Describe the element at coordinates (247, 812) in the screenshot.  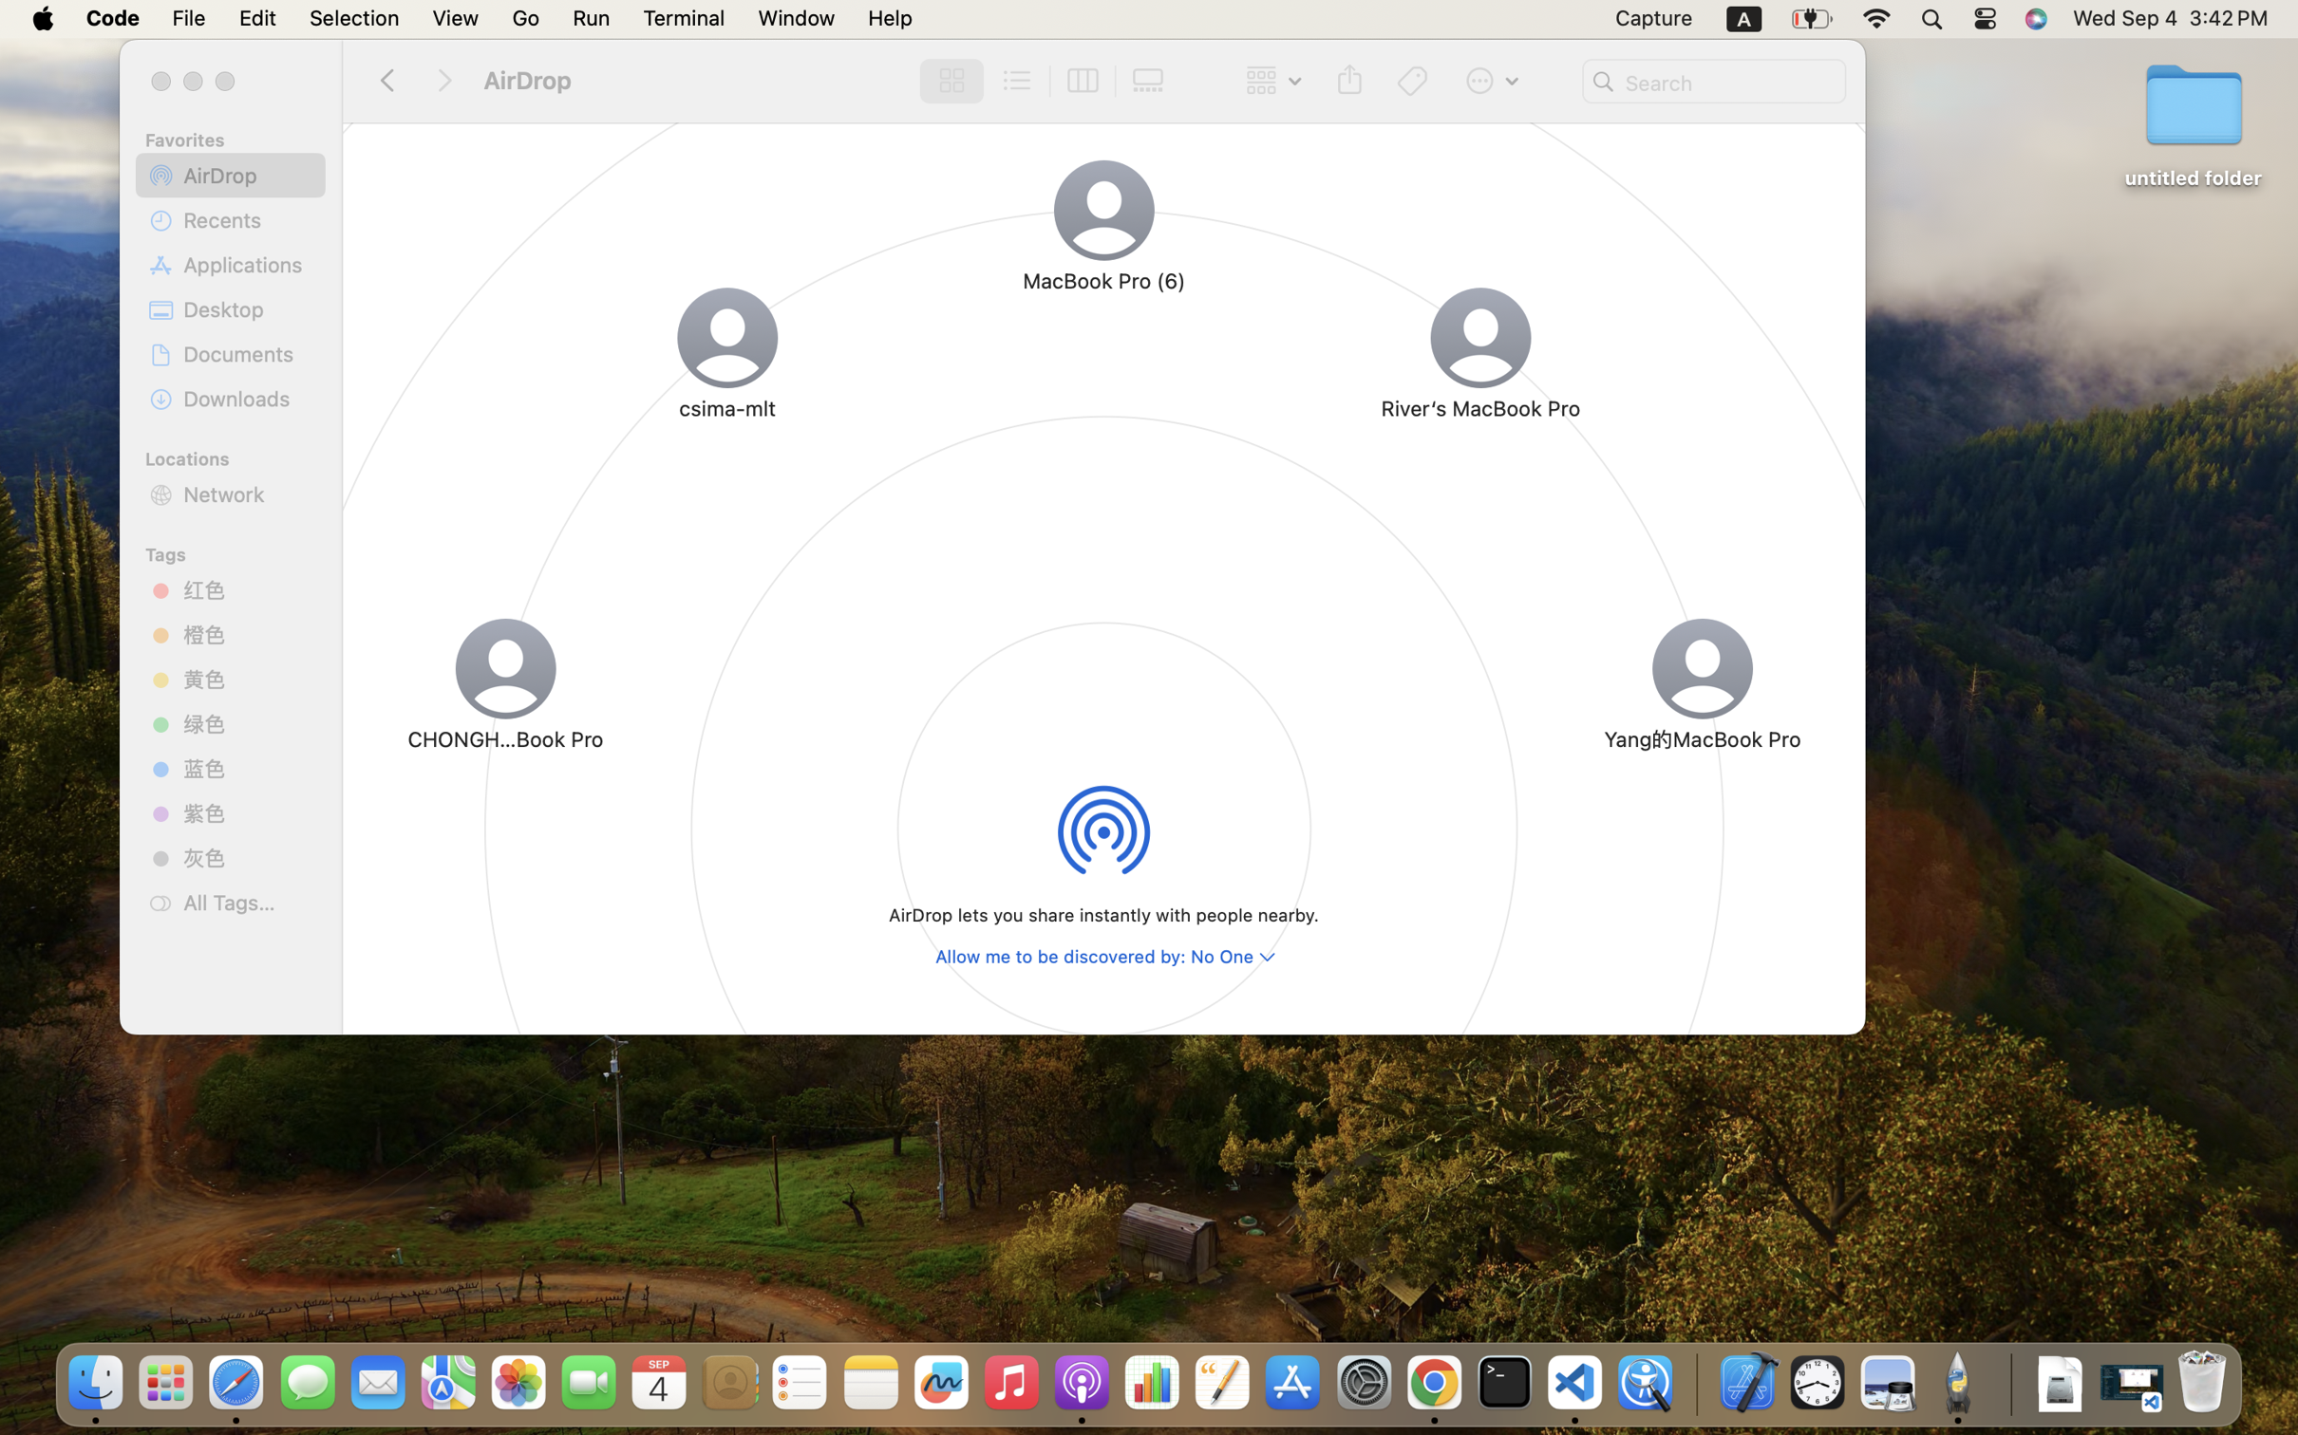
I see `'紫色'` at that location.